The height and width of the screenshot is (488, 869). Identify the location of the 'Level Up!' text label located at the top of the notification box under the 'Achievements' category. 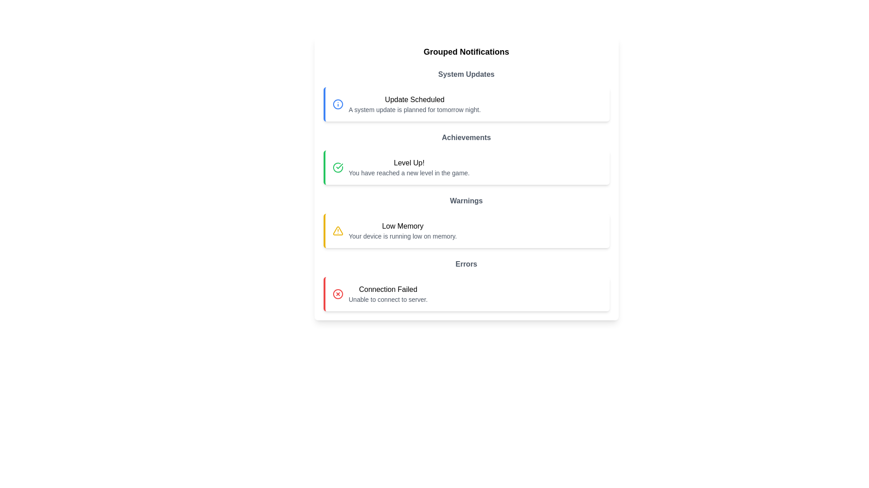
(409, 163).